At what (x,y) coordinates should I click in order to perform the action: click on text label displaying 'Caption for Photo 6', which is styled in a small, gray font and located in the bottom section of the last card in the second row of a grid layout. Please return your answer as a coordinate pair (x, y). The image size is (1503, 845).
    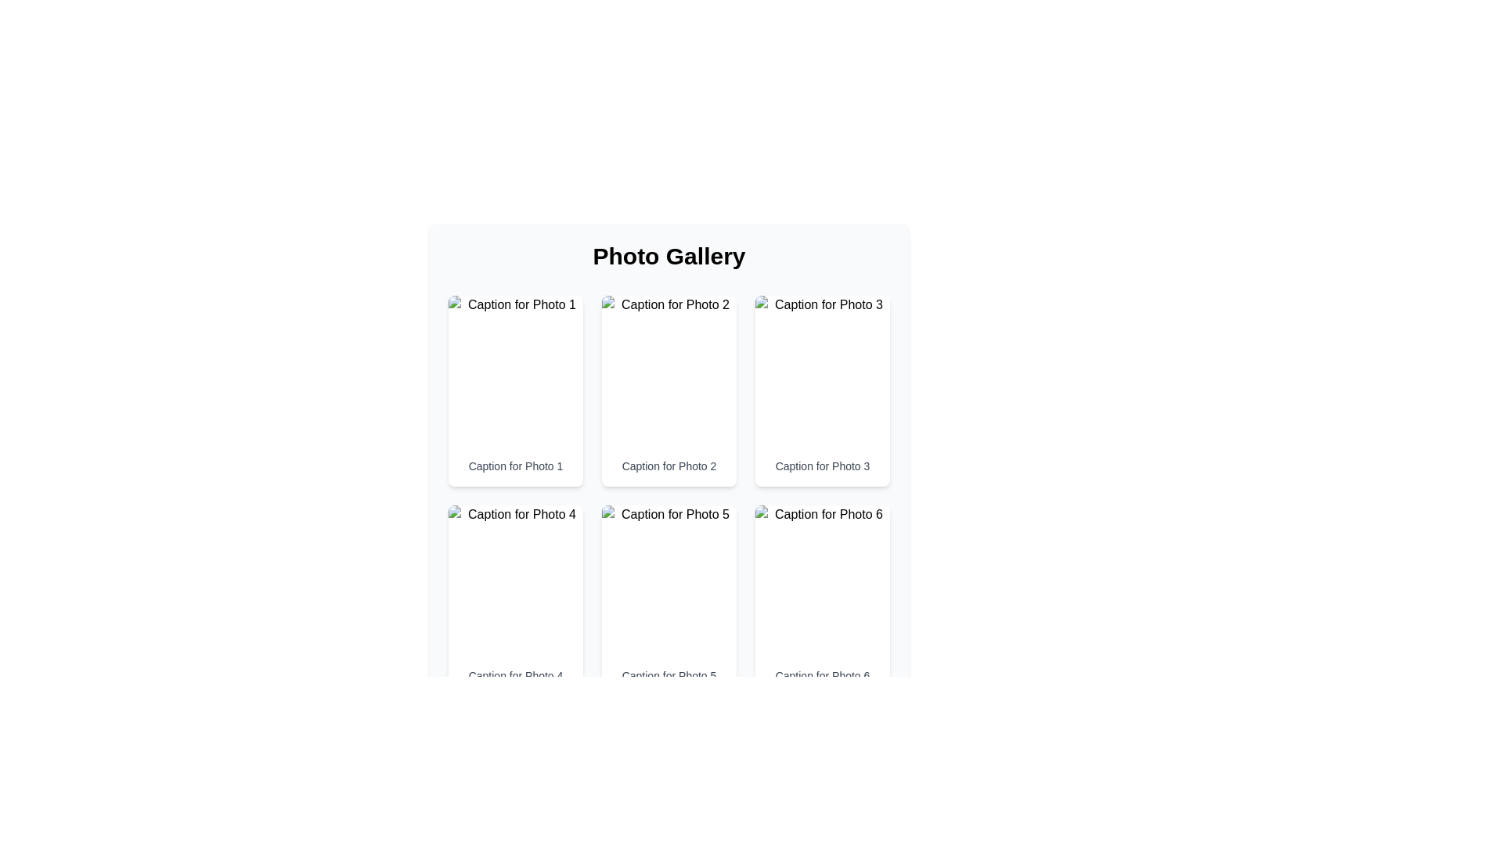
    Looking at the image, I should click on (822, 675).